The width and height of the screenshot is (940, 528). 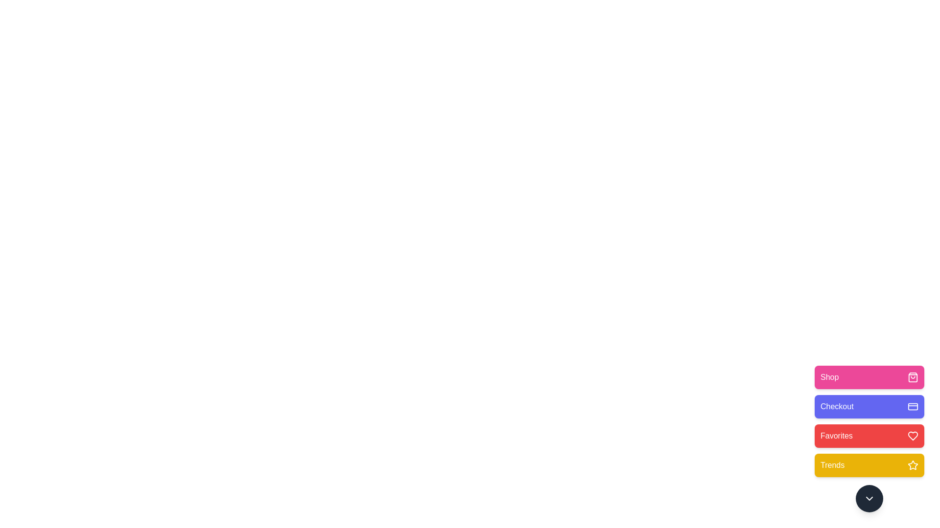 I want to click on the Checkout button to observe its transition effect, so click(x=869, y=407).